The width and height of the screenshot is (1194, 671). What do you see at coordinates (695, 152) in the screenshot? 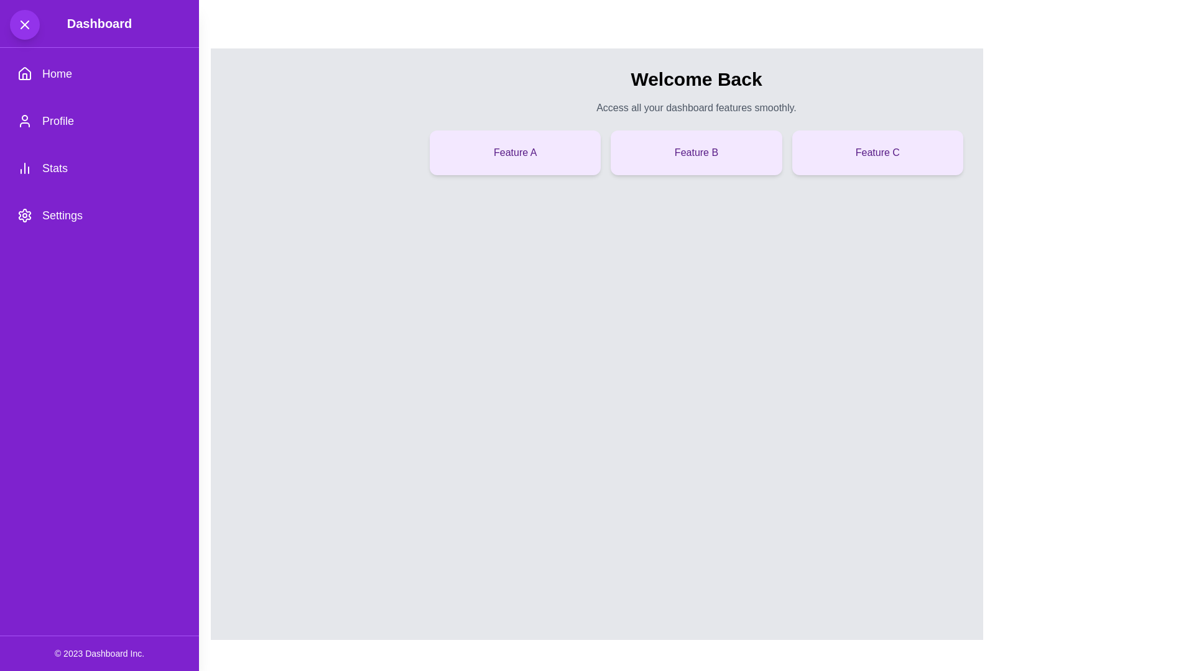
I see `the 'Feature A', 'Feature B', and 'Feature C' rectangles in the grid layout` at bounding box center [695, 152].